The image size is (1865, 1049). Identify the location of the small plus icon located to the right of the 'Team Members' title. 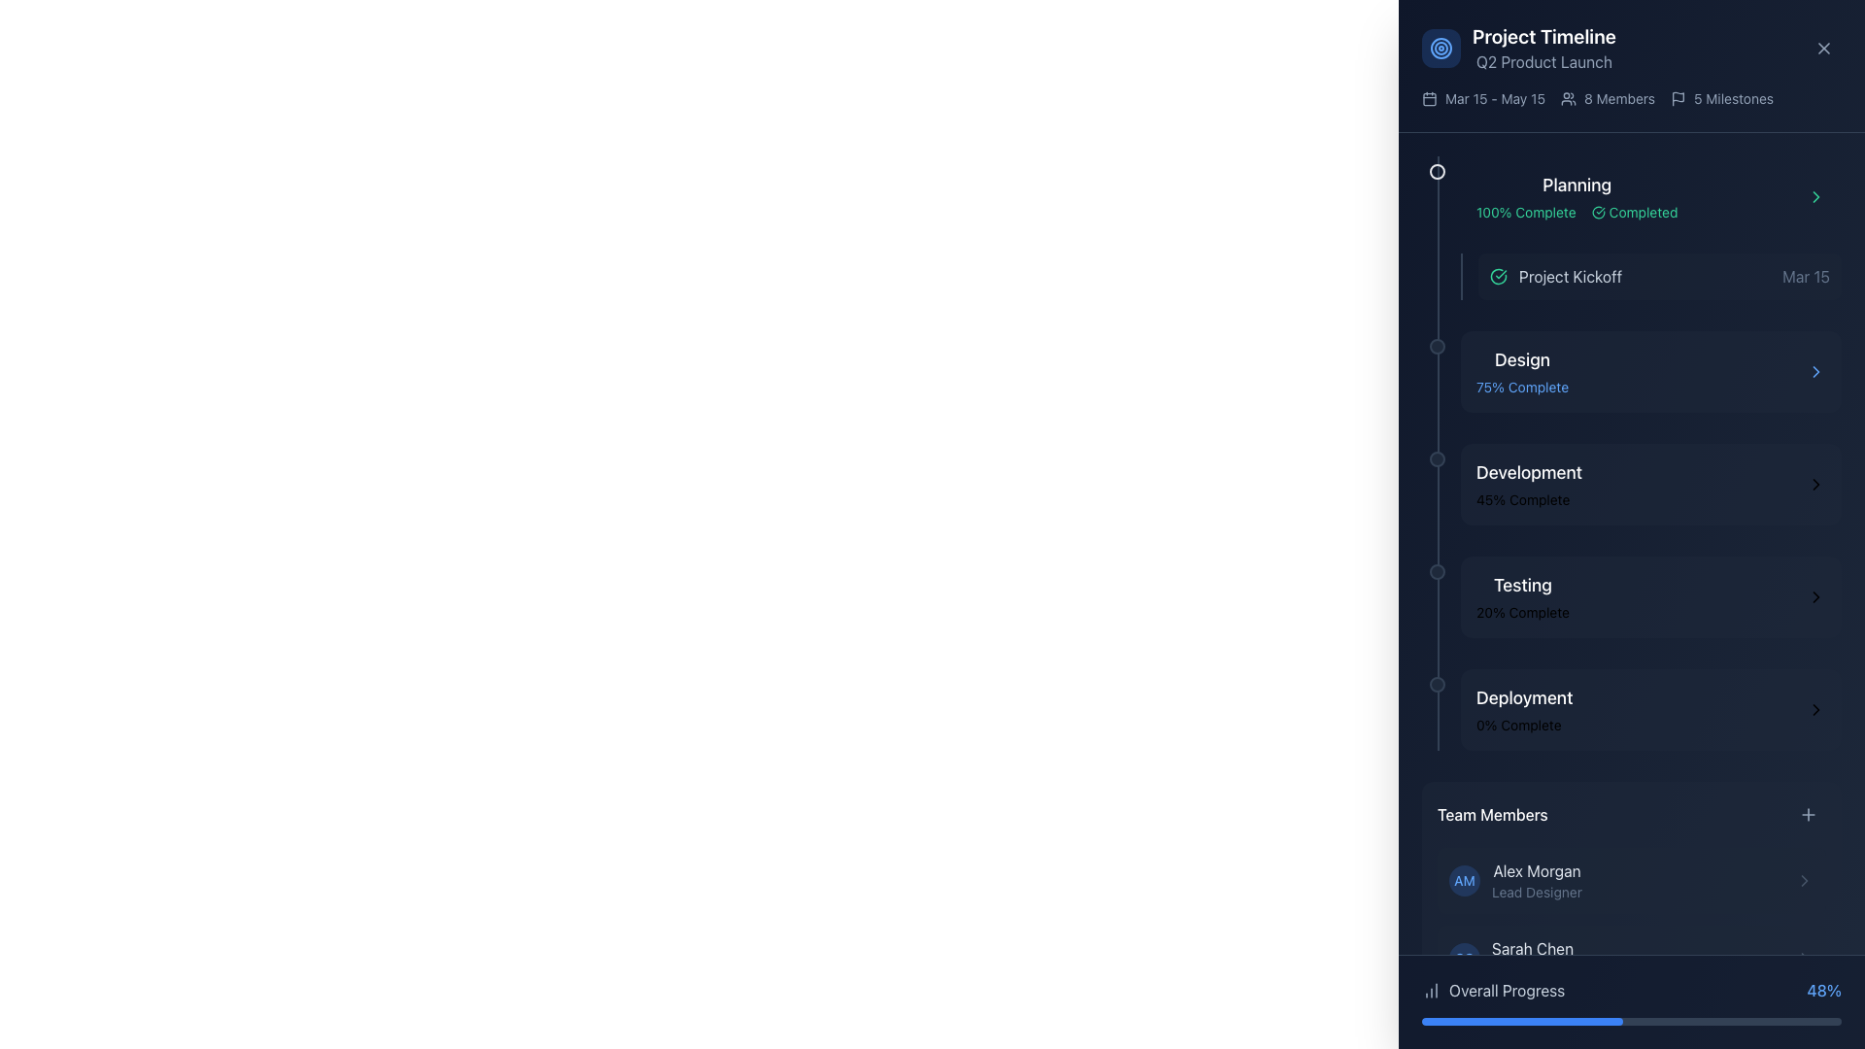
(1808, 815).